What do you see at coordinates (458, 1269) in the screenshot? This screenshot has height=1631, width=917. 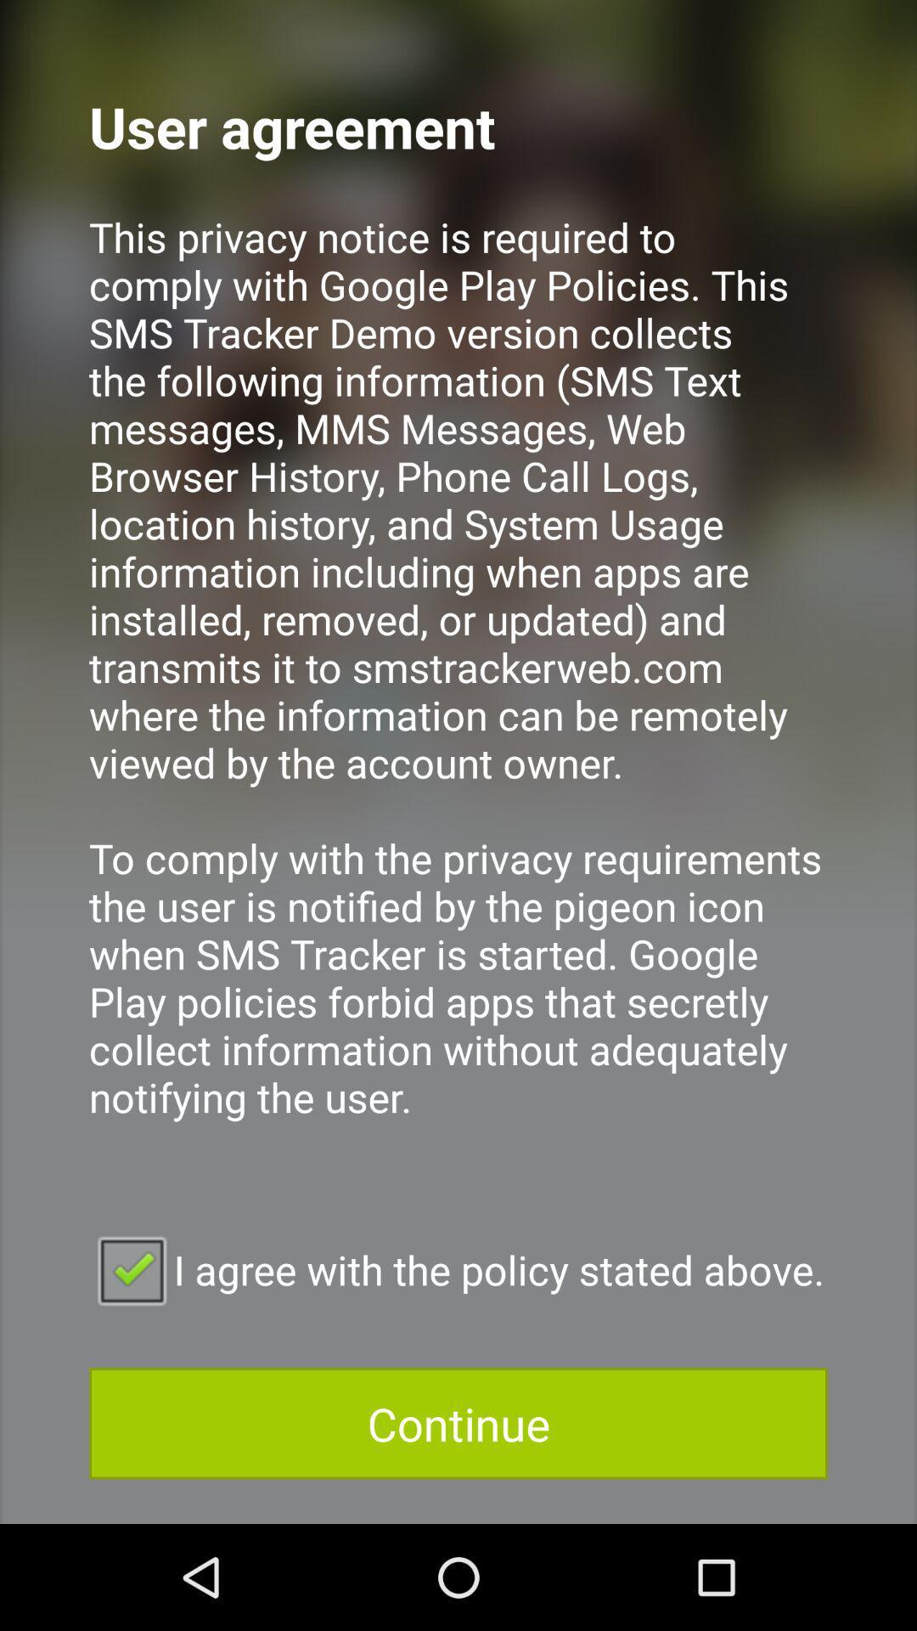 I see `app below the this privacy notice item` at bounding box center [458, 1269].